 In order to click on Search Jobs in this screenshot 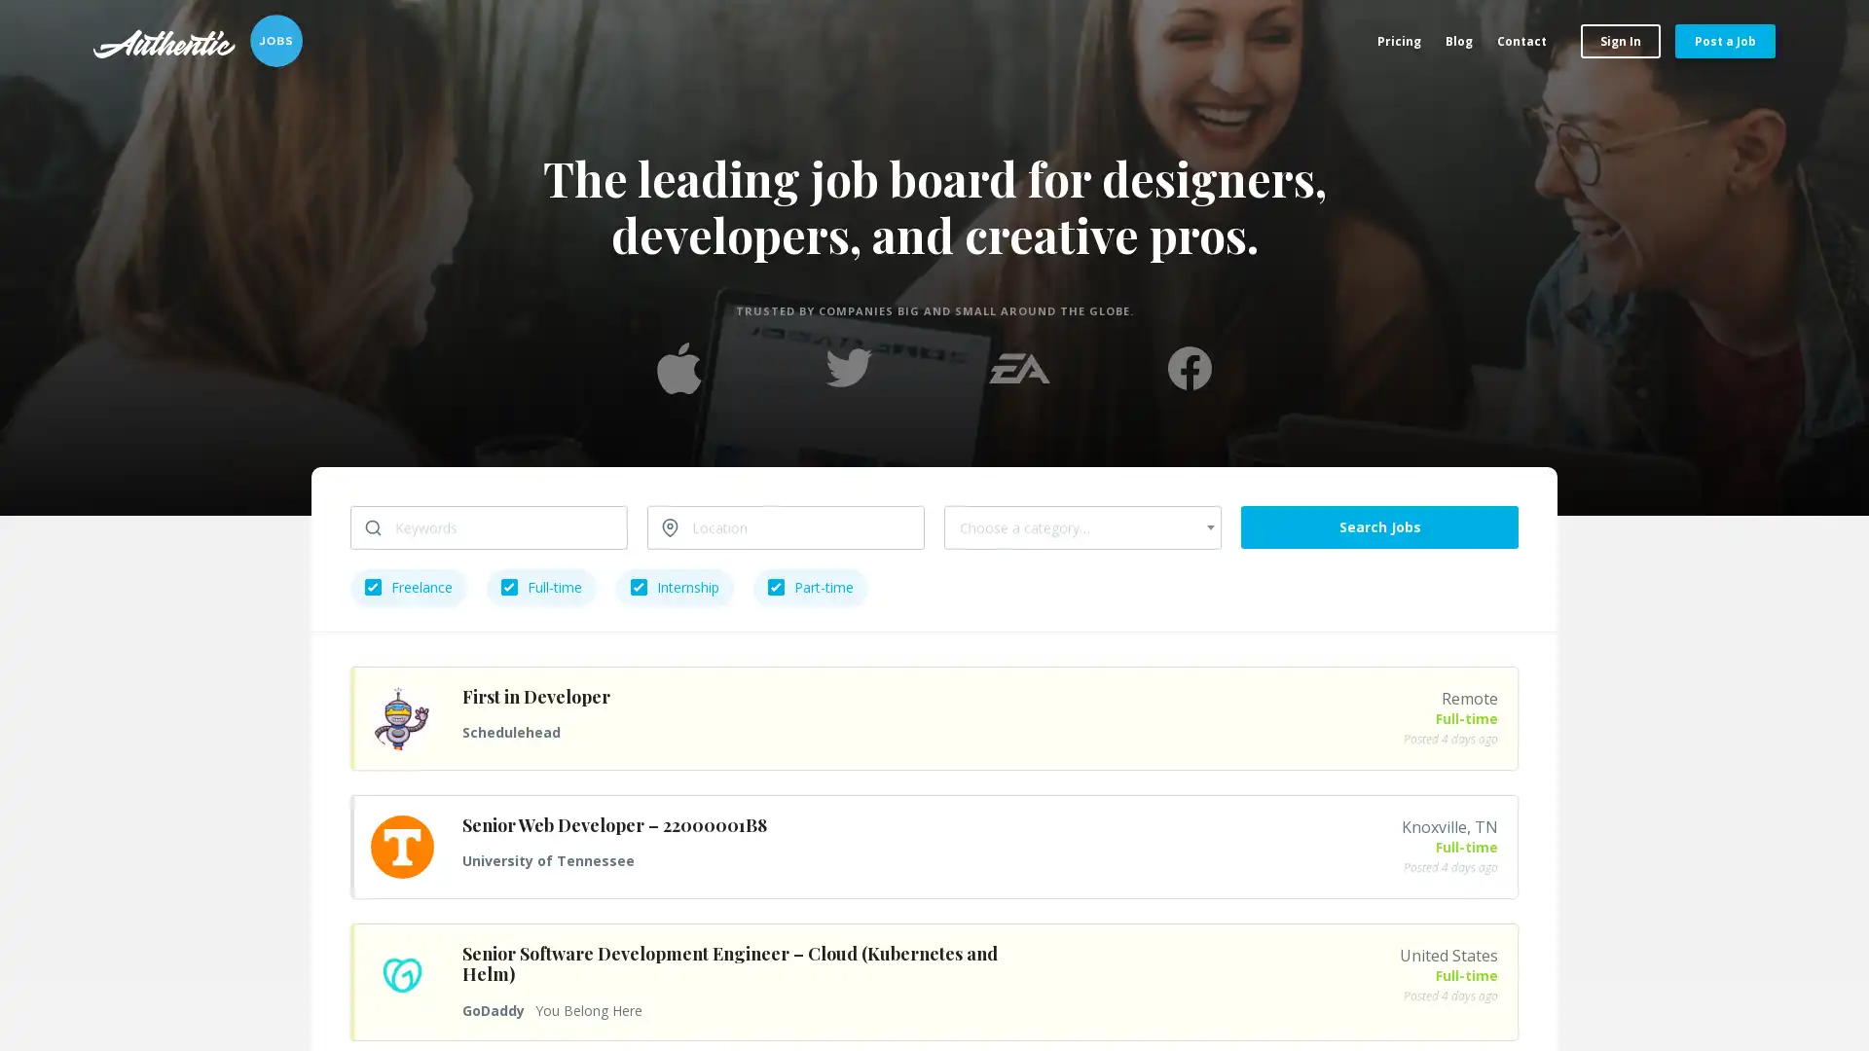, I will do `click(1378, 526)`.